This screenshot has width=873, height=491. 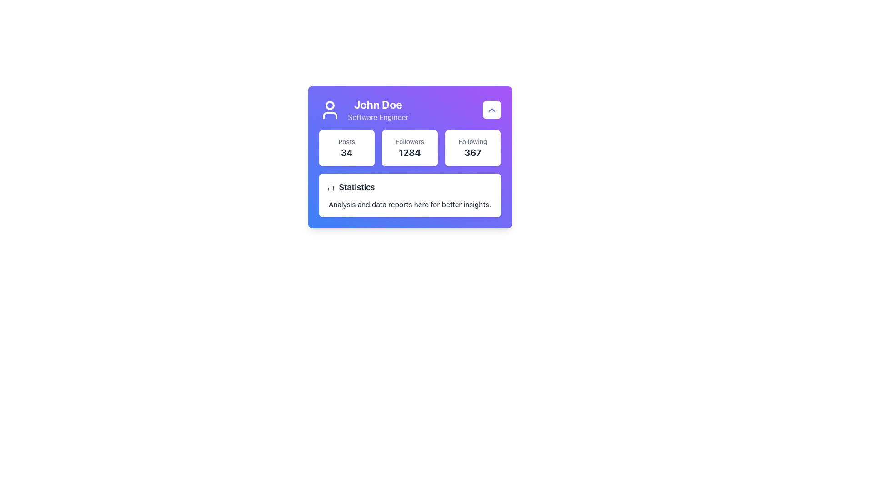 What do you see at coordinates (409, 142) in the screenshot?
I see `the Text Label that indicates the count of followers, positioned above the number 1284 in the user statistics card` at bounding box center [409, 142].